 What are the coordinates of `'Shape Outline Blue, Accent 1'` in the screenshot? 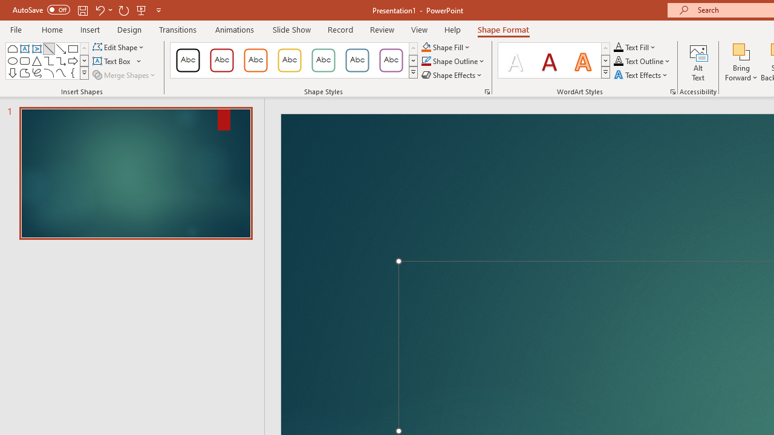 It's located at (426, 61).